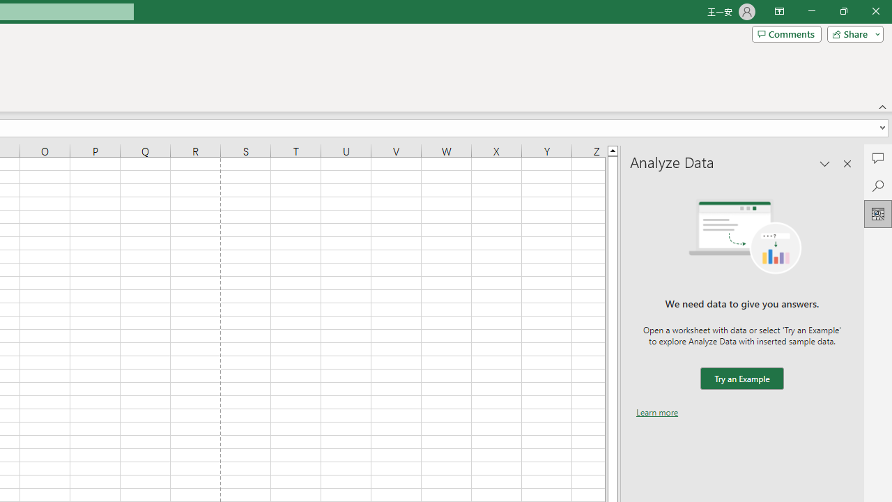 This screenshot has width=892, height=502. Describe the element at coordinates (825, 163) in the screenshot. I see `'Task Pane Options'` at that location.